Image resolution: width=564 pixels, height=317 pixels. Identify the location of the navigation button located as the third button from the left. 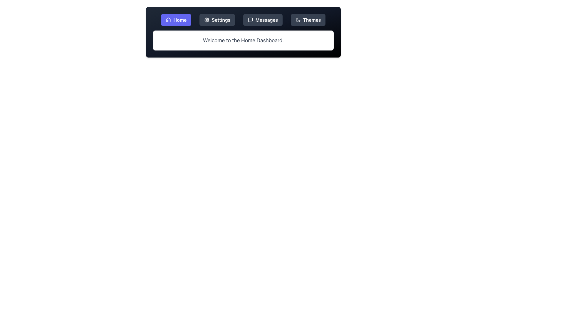
(262, 20).